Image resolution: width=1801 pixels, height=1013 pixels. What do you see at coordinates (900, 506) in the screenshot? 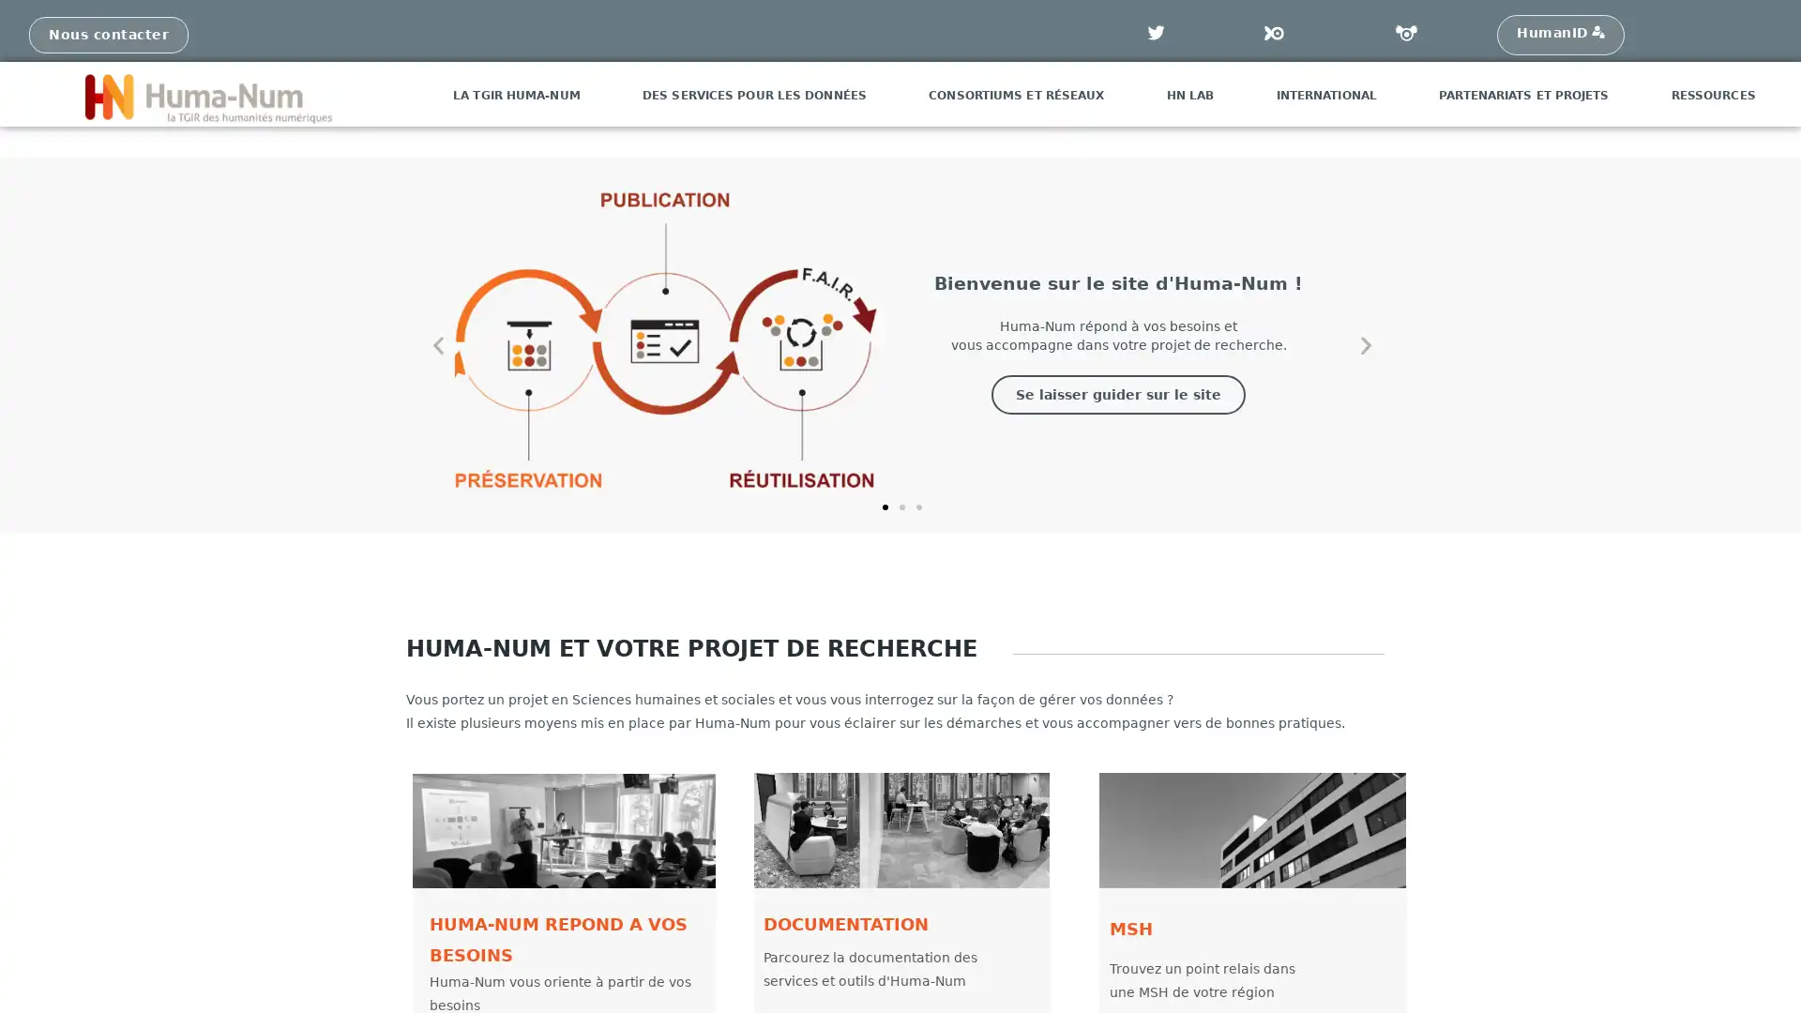
I see `Go to slide 2` at bounding box center [900, 506].